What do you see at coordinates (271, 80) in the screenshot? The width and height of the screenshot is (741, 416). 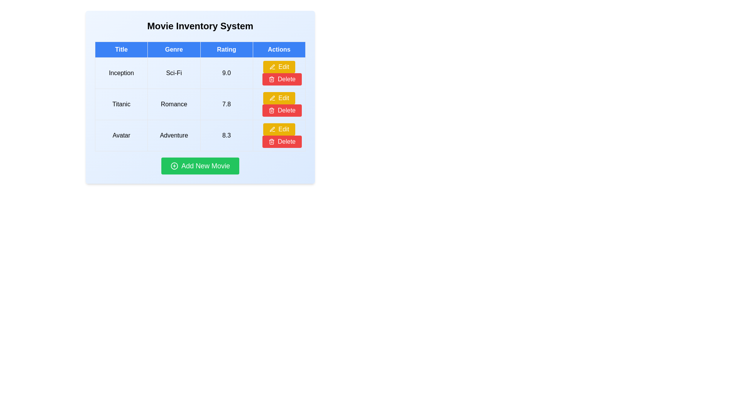 I see `the 'Delete' button associated with the trash can icon for the movie 'Titanic' to trigger the delete action` at bounding box center [271, 80].